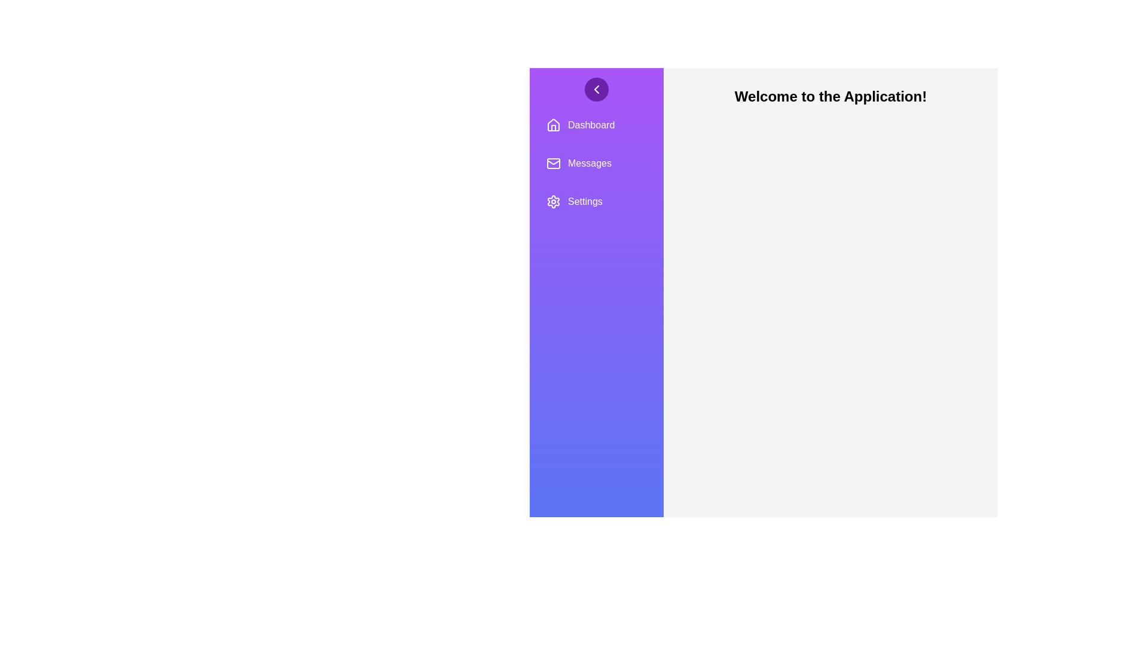  What do you see at coordinates (590, 163) in the screenshot?
I see `the 'Messages' text label in the sidebar menu` at bounding box center [590, 163].